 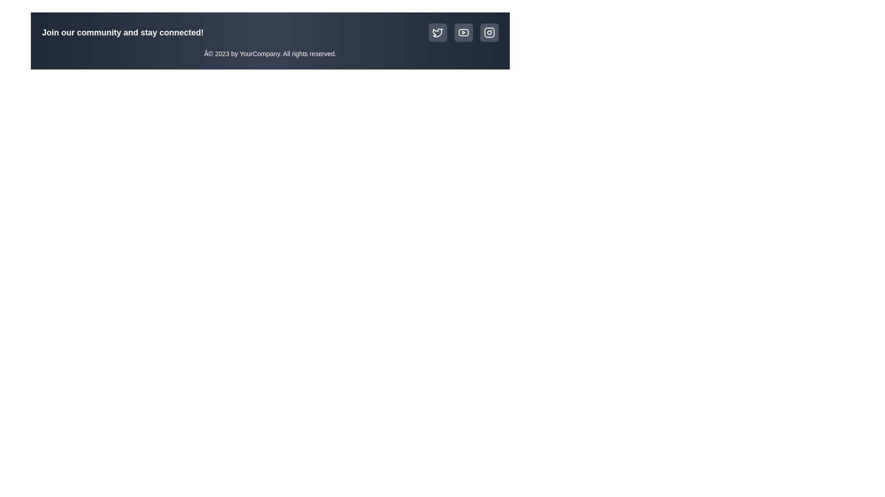 I want to click on the white Instagram logo icon located in the top-right footer section, so click(x=489, y=32).